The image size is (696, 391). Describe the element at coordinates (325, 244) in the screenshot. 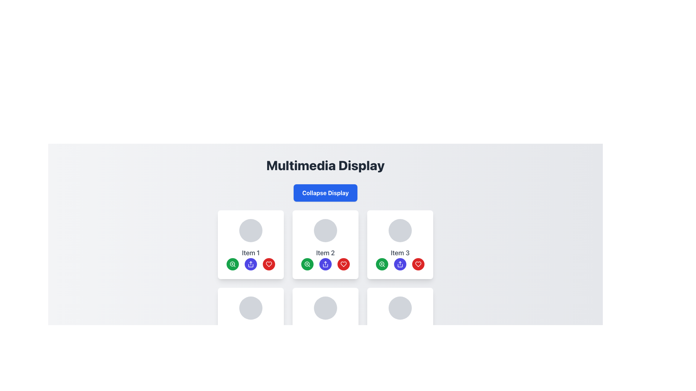

I see `the 'Item 2' text located in the card-like component with a white background and rounded edges, positioned centrally in the top row of a three-column grid layout` at that location.